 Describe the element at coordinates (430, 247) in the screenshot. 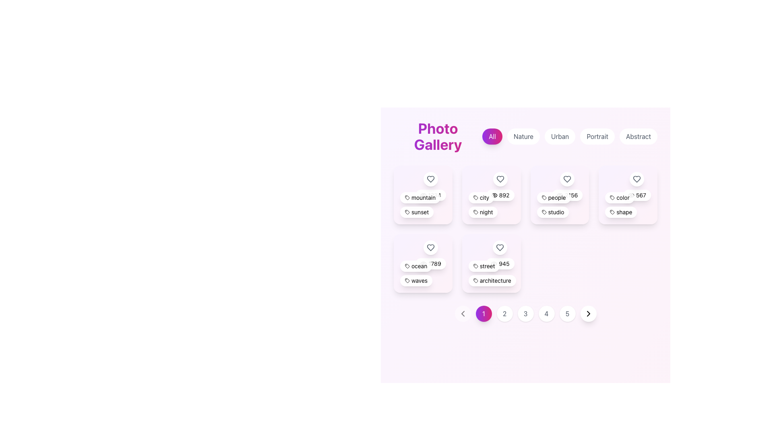

I see `the circular button with a heart icon located at the top-right section of the card labeled 'ocean' and '789' to observe any visual transition effects` at that location.